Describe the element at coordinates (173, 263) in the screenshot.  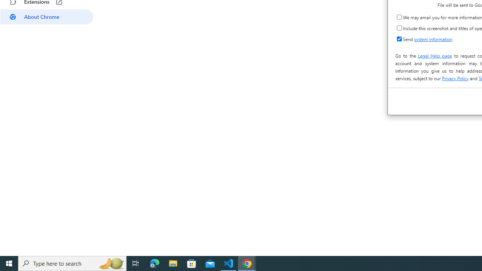
I see `'File Explorer'` at that location.